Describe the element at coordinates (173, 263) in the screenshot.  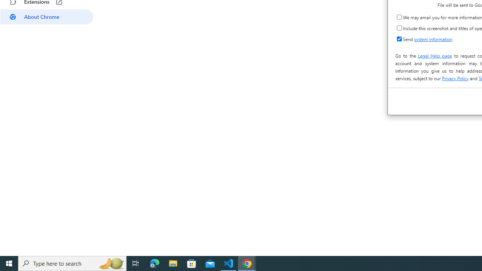
I see `'File Explorer'` at that location.